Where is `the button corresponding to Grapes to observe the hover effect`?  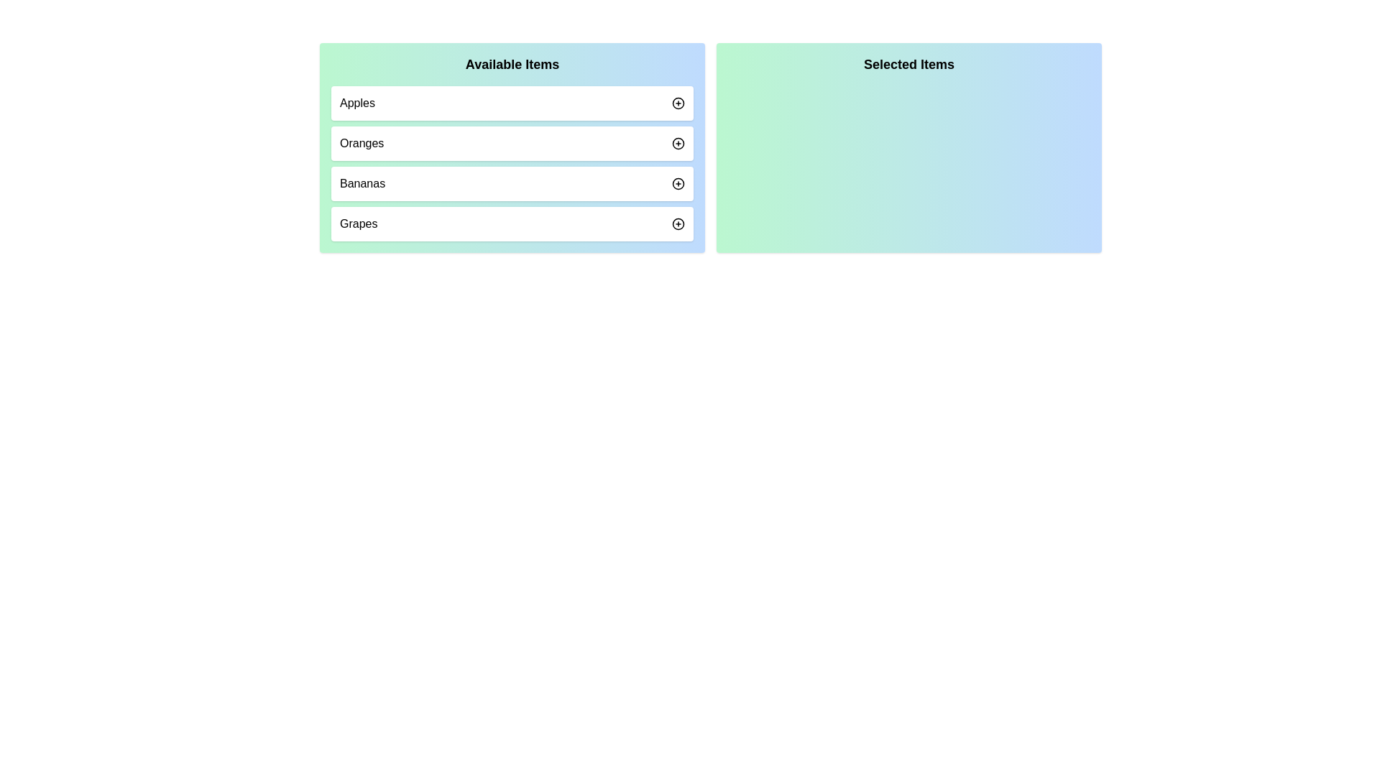
the button corresponding to Grapes to observe the hover effect is located at coordinates (678, 224).